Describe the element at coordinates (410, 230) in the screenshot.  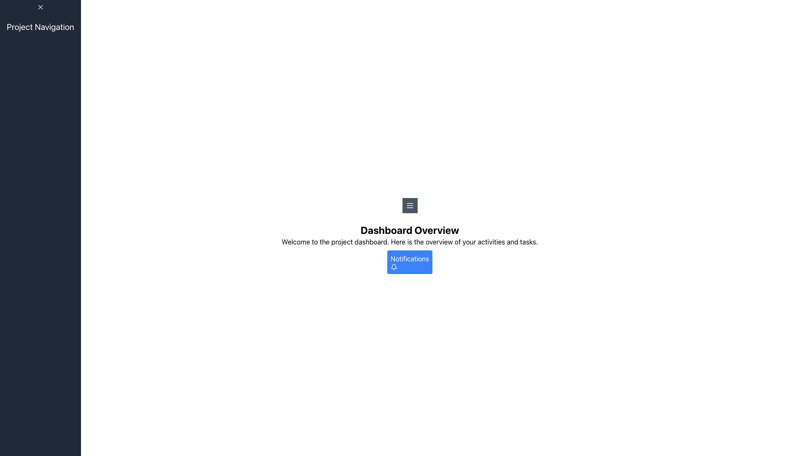
I see `the large, bold textual header displaying 'Dashboard Overview', which is prominently positioned at the top of the section containing additional information and a button` at that location.